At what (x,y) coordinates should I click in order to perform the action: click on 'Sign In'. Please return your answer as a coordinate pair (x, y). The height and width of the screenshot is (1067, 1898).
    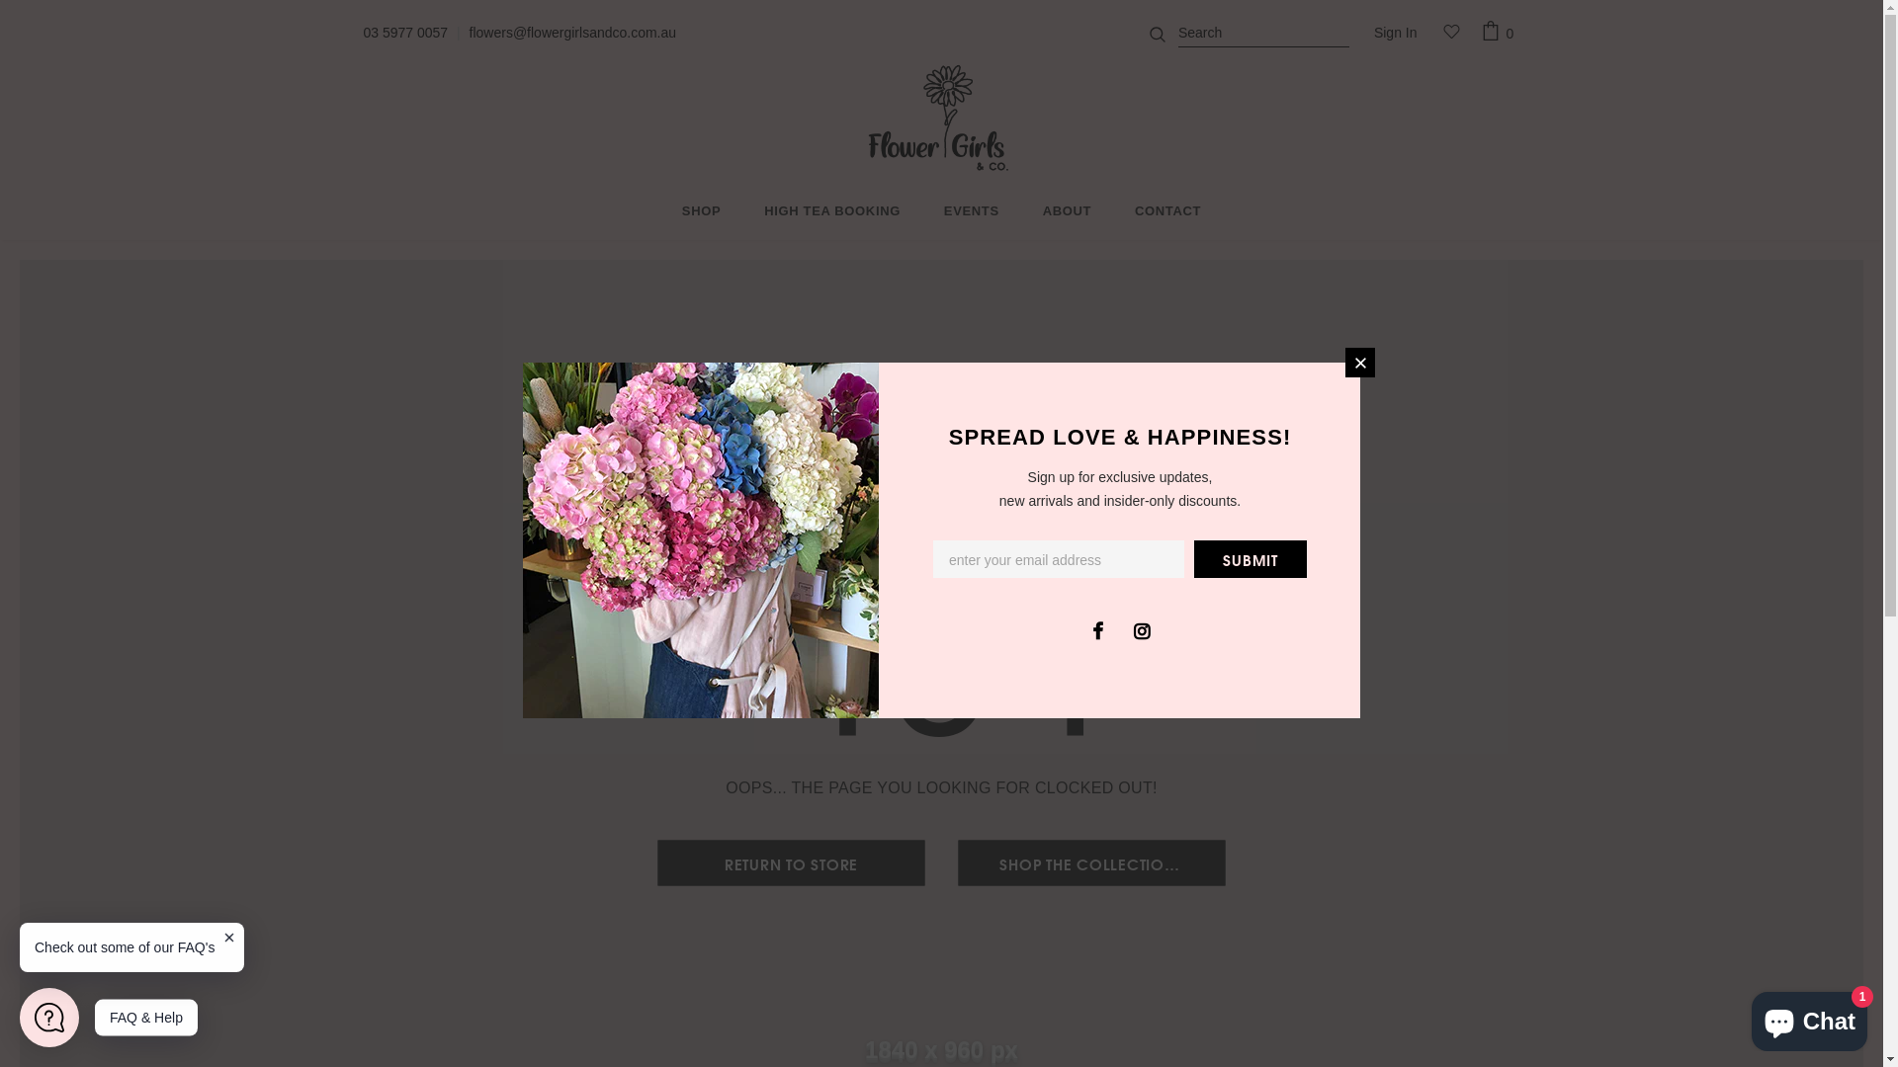
    Looking at the image, I should click on (1394, 34).